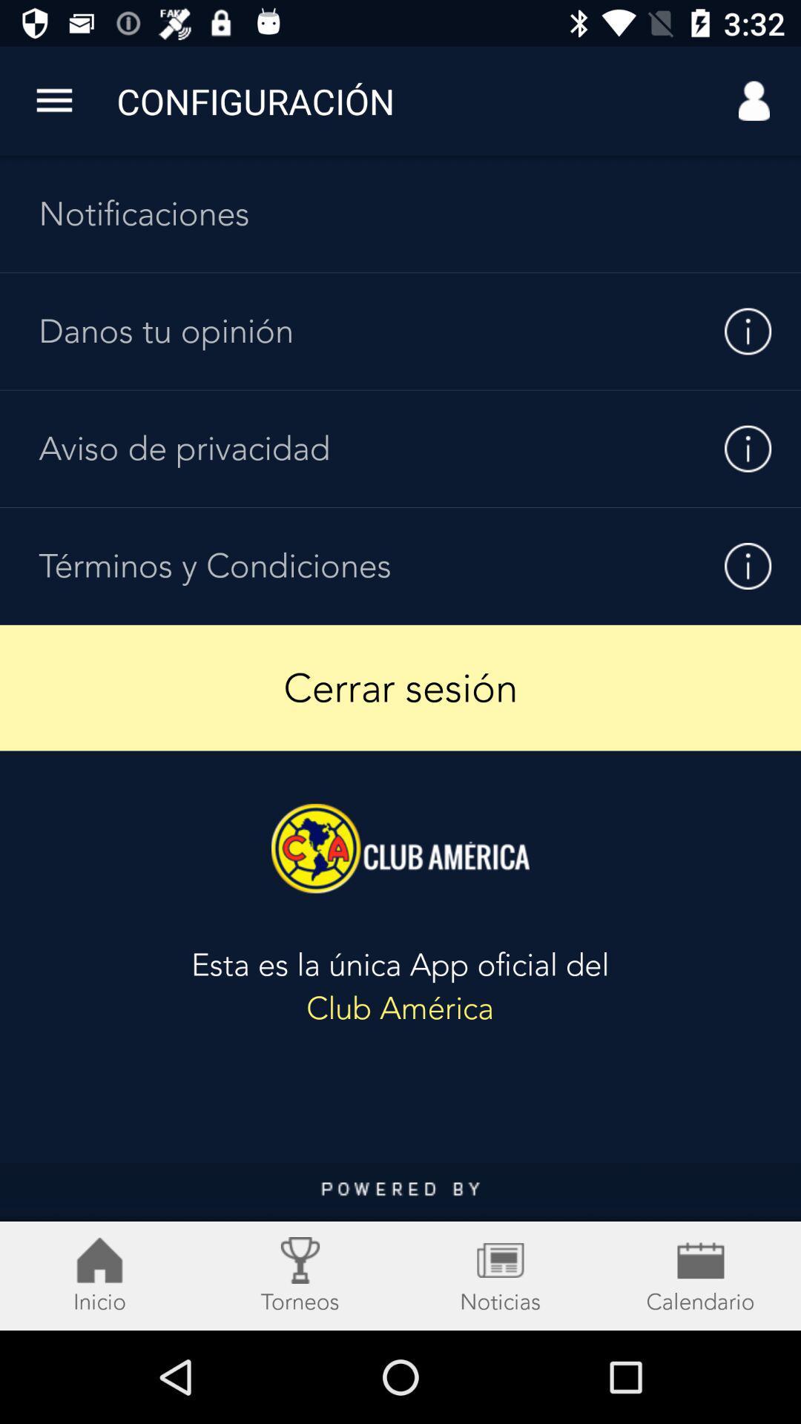  What do you see at coordinates (400, 1246) in the screenshot?
I see `navigate the app` at bounding box center [400, 1246].